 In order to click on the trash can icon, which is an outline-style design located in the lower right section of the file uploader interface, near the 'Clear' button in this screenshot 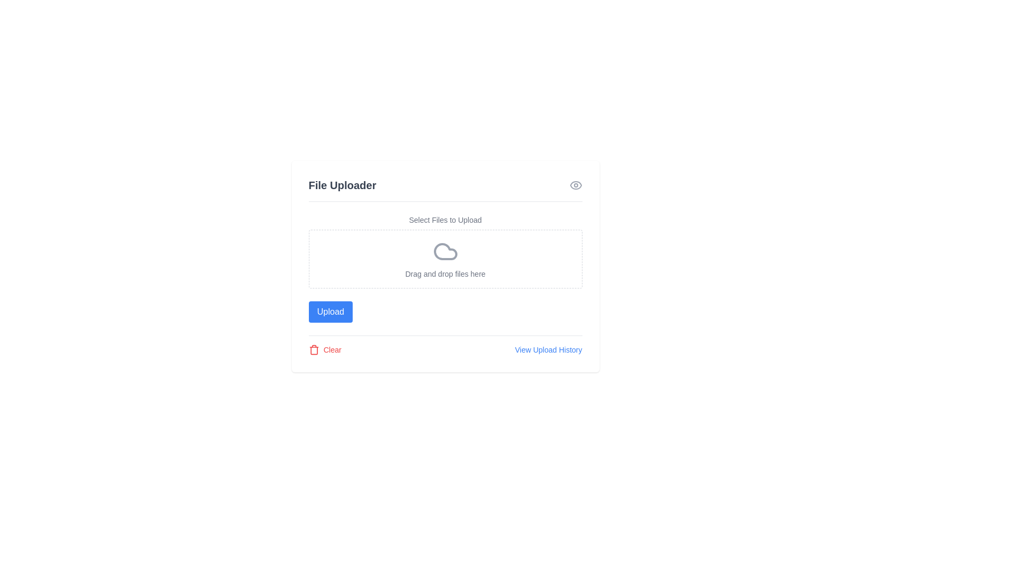, I will do `click(313, 350)`.